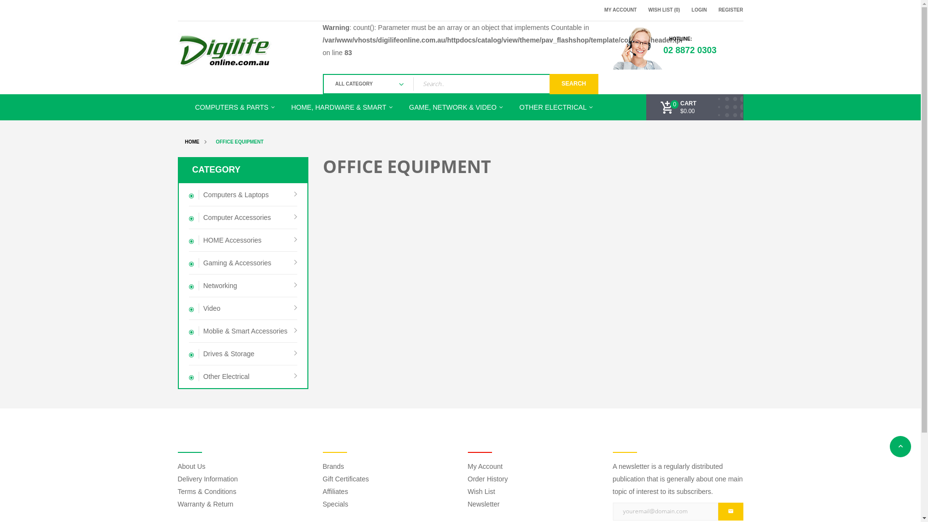 The width and height of the screenshot is (928, 522). I want to click on 'Moblie & Smart Accessories', so click(243, 331).